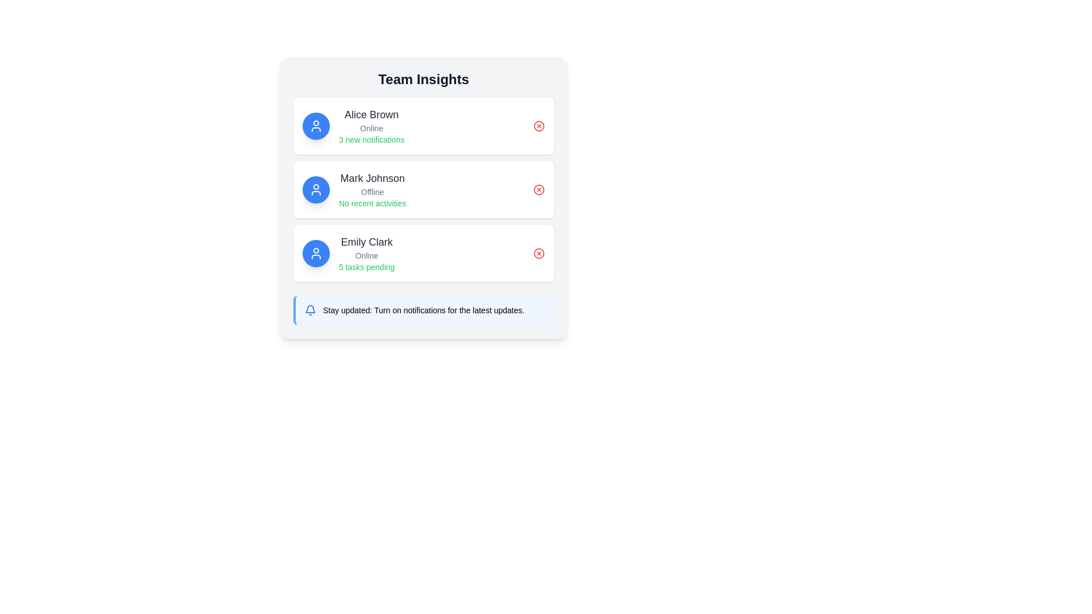 The image size is (1092, 614). What do you see at coordinates (316, 189) in the screenshot?
I see `the profile icon of 'Mark Johnson', which represents a team member's avatar in the middle card of the list` at bounding box center [316, 189].